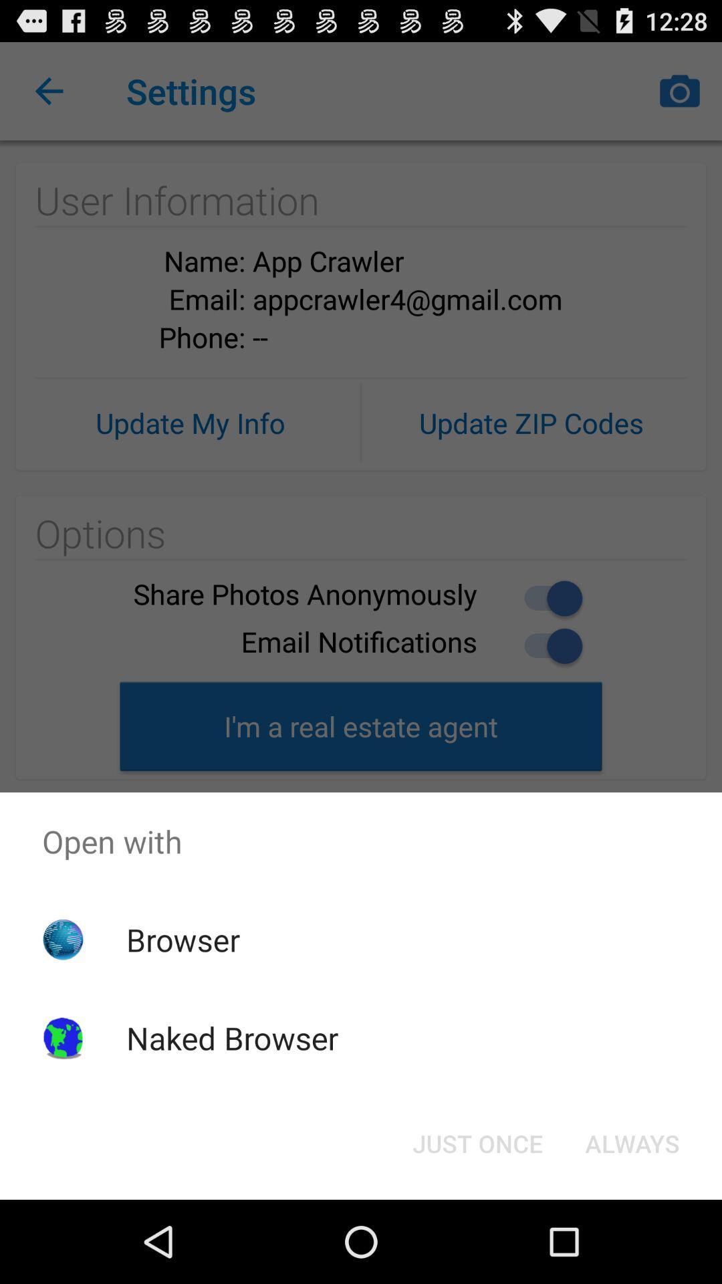 The height and width of the screenshot is (1284, 722). What do you see at coordinates (632, 1142) in the screenshot?
I see `button next to just once icon` at bounding box center [632, 1142].